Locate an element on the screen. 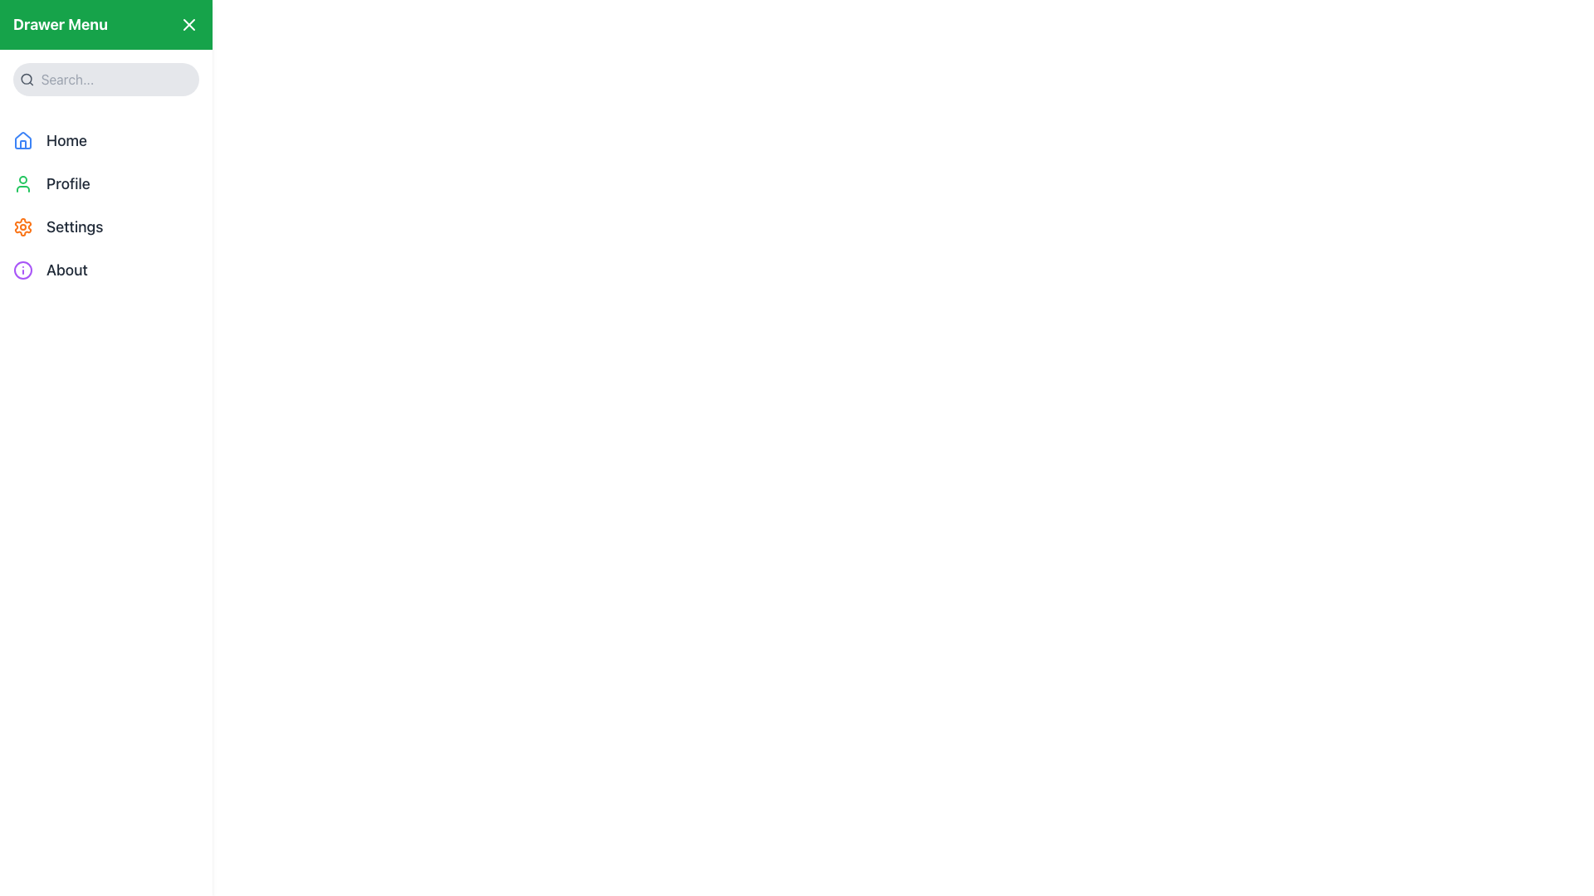 The width and height of the screenshot is (1594, 896). the 'About' text label in the vertical menu is located at coordinates (66, 270).